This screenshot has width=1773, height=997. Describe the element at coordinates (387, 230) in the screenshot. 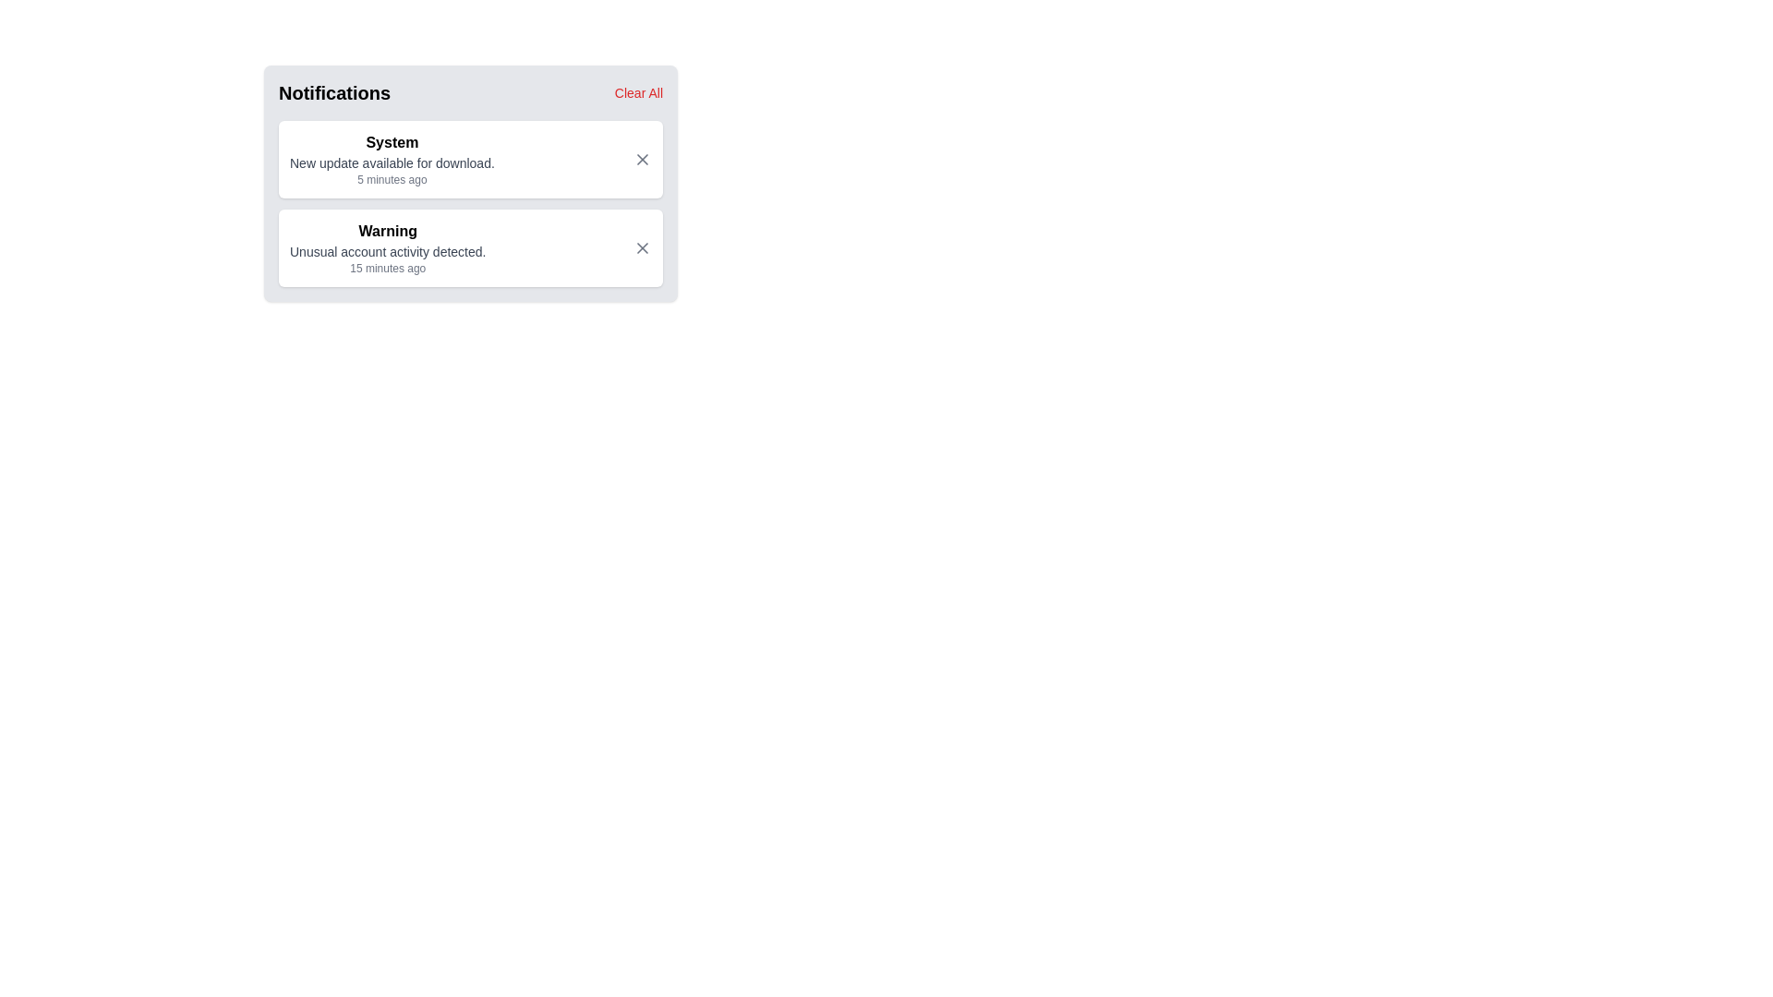

I see `the header text of the second notification card, which indicates the category of the notification, positioned at the top-center of the card` at that location.